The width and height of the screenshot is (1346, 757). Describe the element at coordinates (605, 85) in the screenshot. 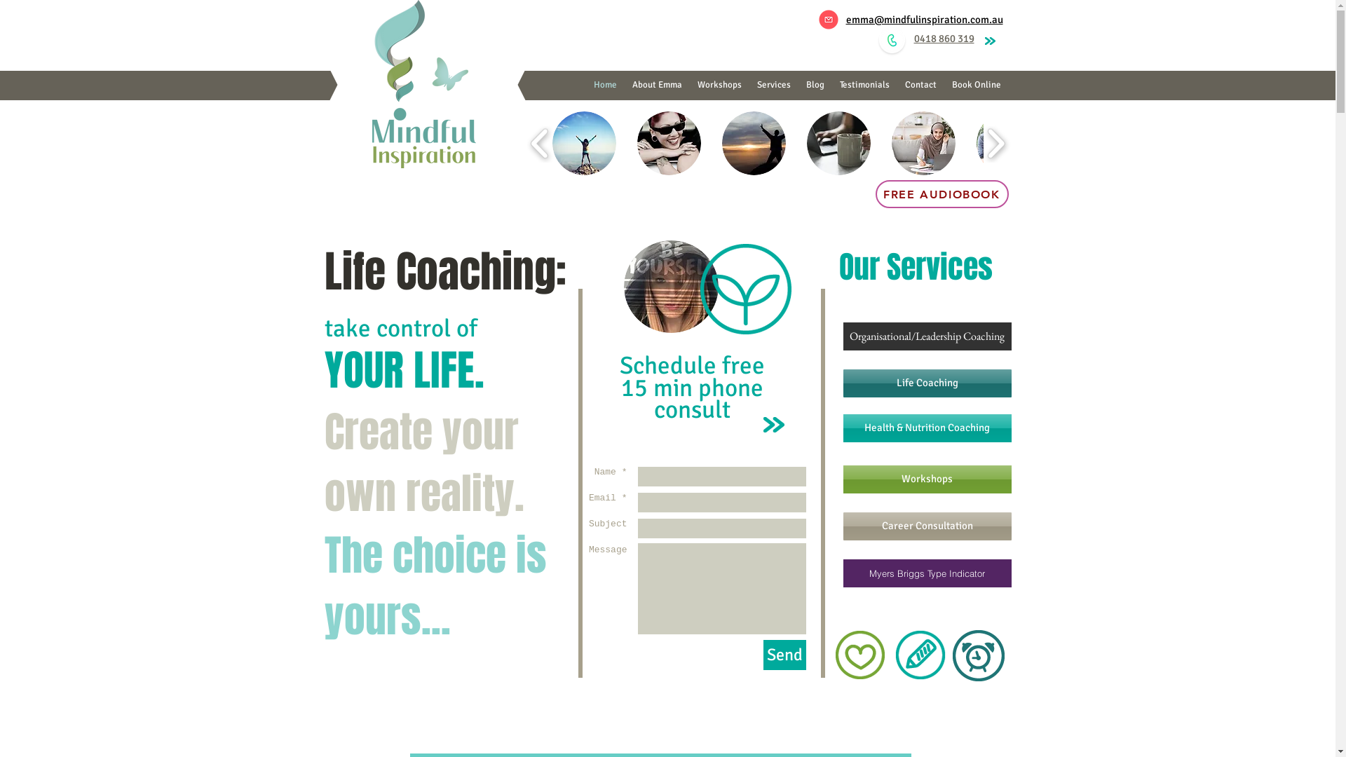

I see `'Home'` at that location.